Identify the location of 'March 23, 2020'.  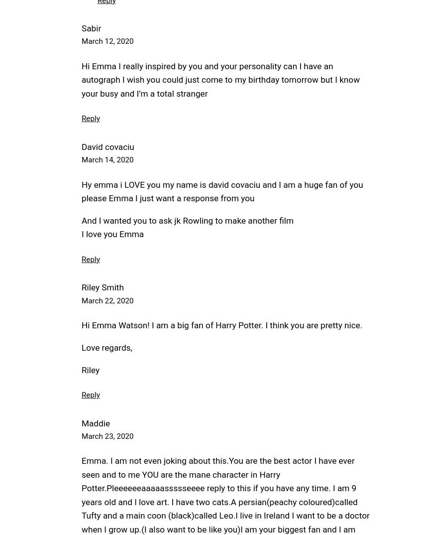
(107, 435).